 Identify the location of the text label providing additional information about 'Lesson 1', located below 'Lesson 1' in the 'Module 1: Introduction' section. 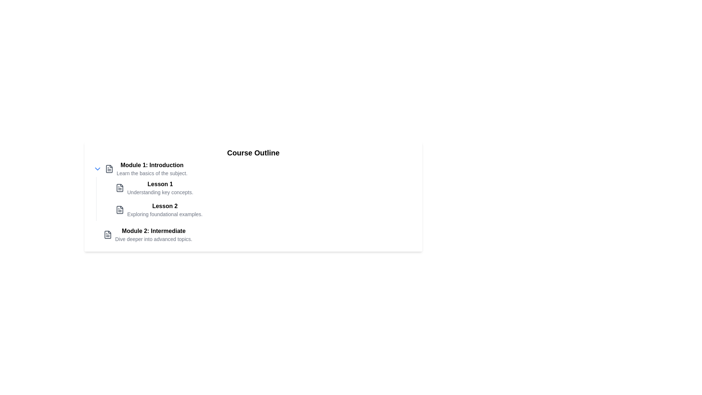
(160, 192).